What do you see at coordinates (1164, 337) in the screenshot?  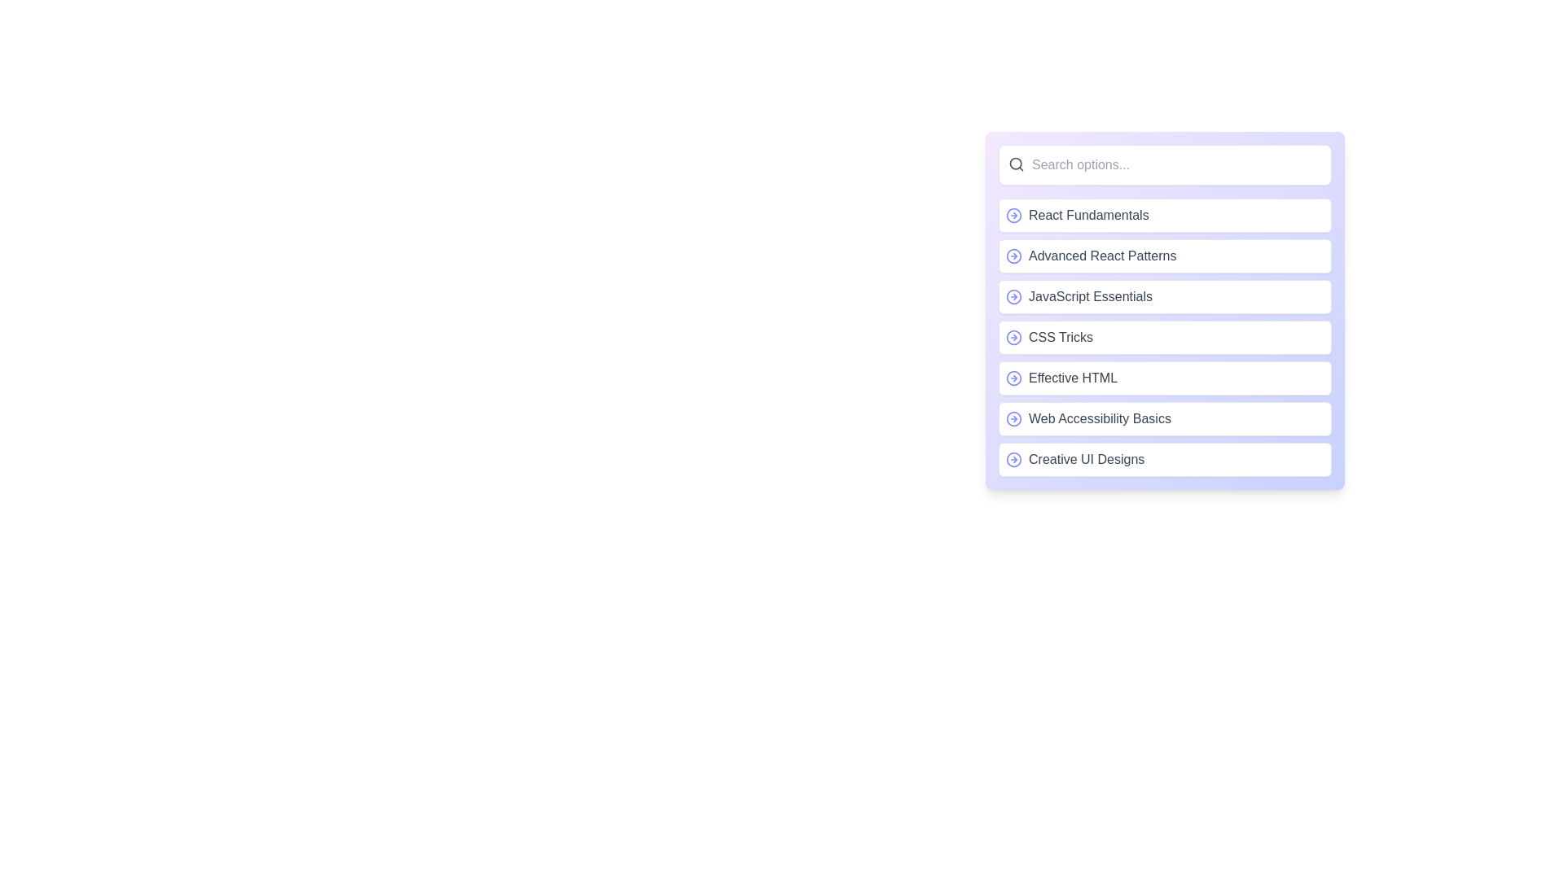 I see `the button labeled 'CSS Tricks' with a light-purple background and an indigo arrow icon` at bounding box center [1164, 337].